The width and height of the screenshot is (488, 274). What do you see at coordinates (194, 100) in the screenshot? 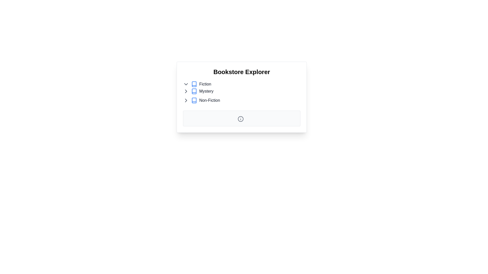
I see `the small blue book icon located to the left of the text 'Non-Fiction', which is styled in simple line art and associated with reading` at bounding box center [194, 100].